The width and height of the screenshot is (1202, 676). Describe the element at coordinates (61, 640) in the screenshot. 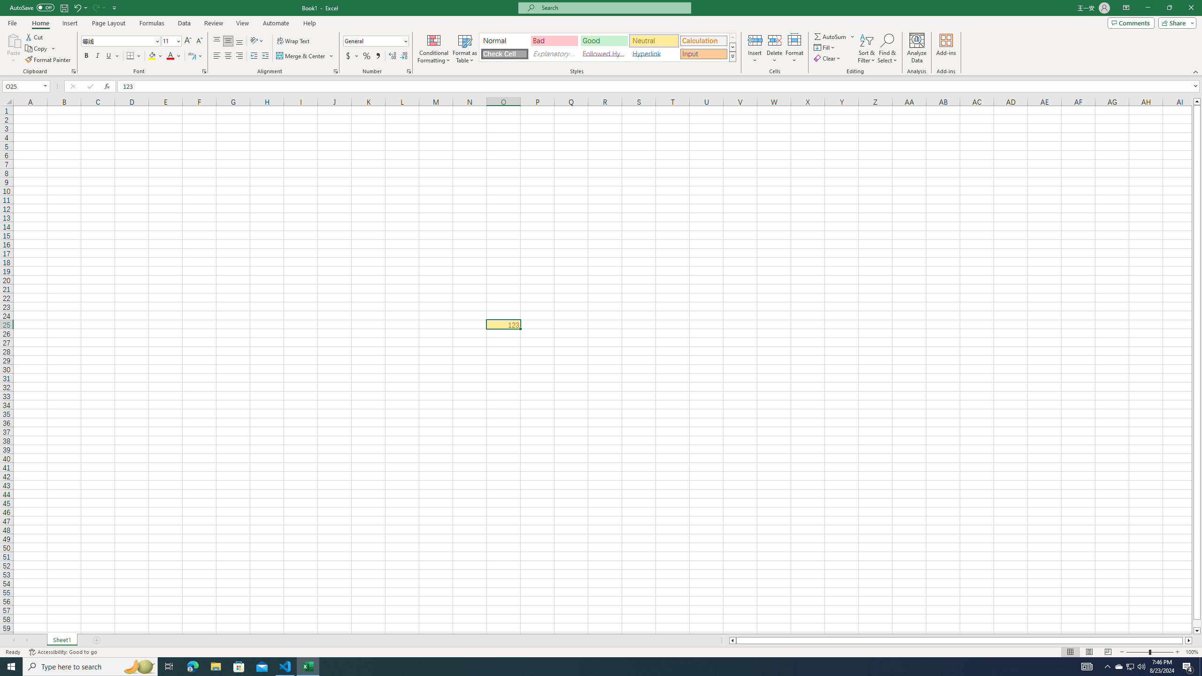

I see `'Sheet1'` at that location.